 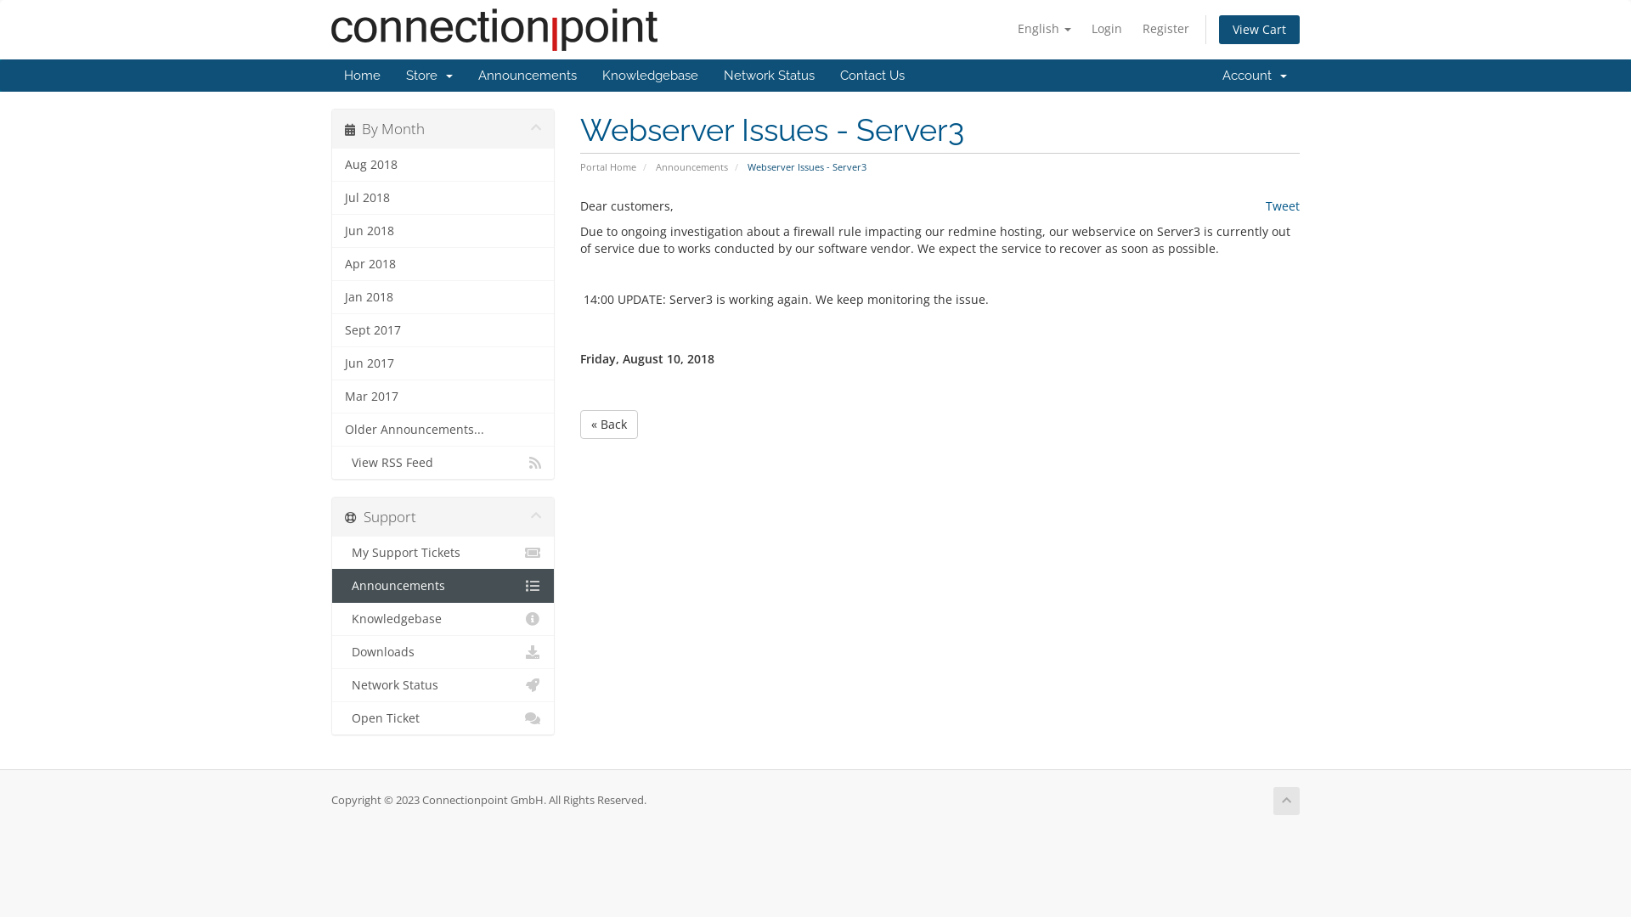 What do you see at coordinates (361, 74) in the screenshot?
I see `'Home'` at bounding box center [361, 74].